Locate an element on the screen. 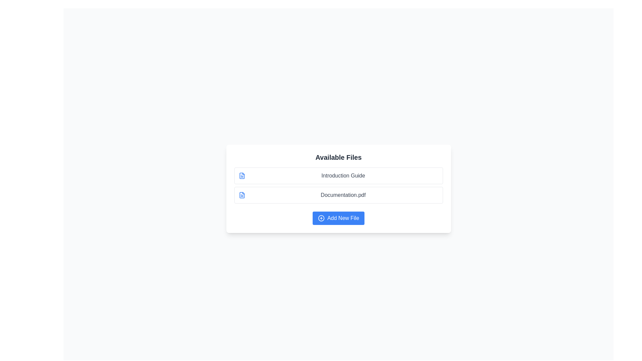 The width and height of the screenshot is (642, 361). the 'Documentation.pdf' text display in the file listing is located at coordinates (343, 195).